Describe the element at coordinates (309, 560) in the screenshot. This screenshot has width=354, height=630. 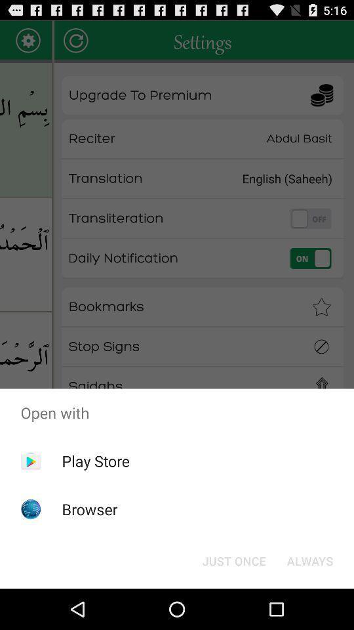
I see `the item next to the just once item` at that location.